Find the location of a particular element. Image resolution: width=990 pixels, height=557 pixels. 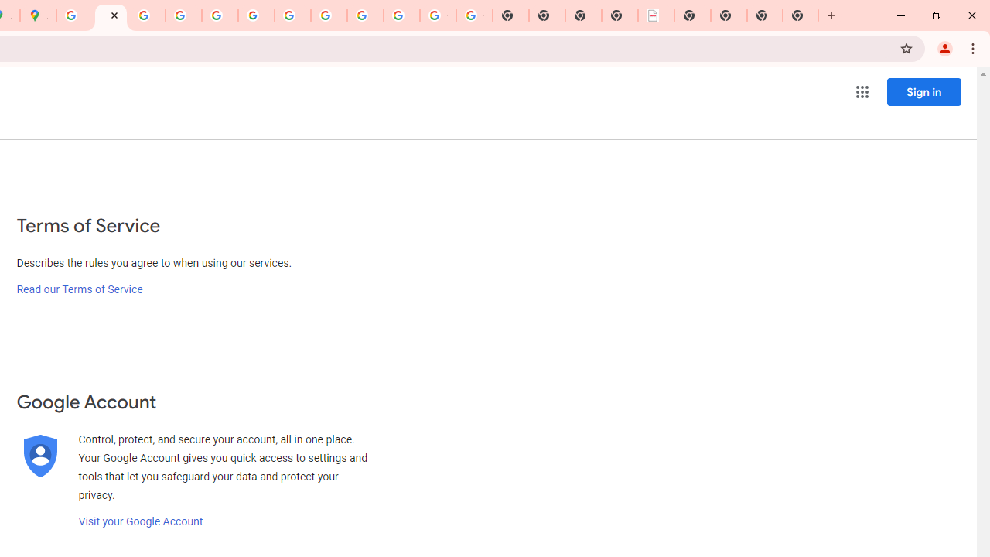

'YouTube' is located at coordinates (292, 15).